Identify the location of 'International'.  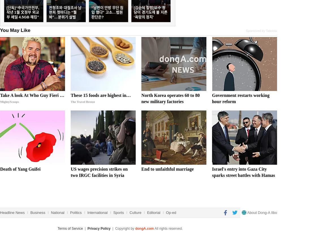
(97, 212).